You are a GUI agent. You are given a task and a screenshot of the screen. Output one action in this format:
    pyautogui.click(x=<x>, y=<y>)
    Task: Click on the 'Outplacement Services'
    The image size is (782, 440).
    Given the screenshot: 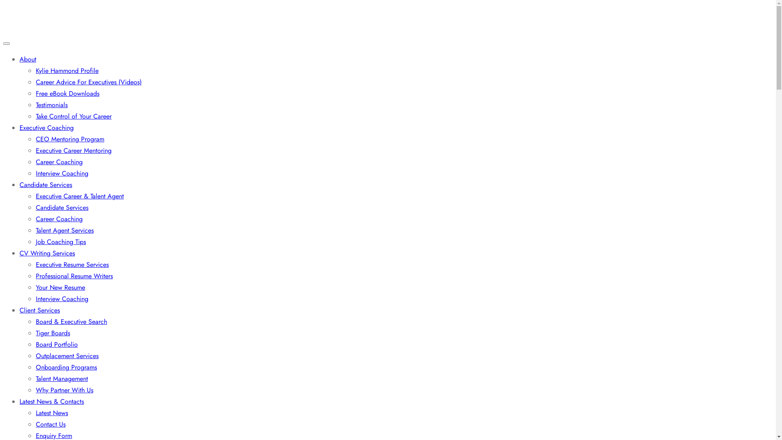 What is the action you would take?
    pyautogui.click(x=35, y=355)
    